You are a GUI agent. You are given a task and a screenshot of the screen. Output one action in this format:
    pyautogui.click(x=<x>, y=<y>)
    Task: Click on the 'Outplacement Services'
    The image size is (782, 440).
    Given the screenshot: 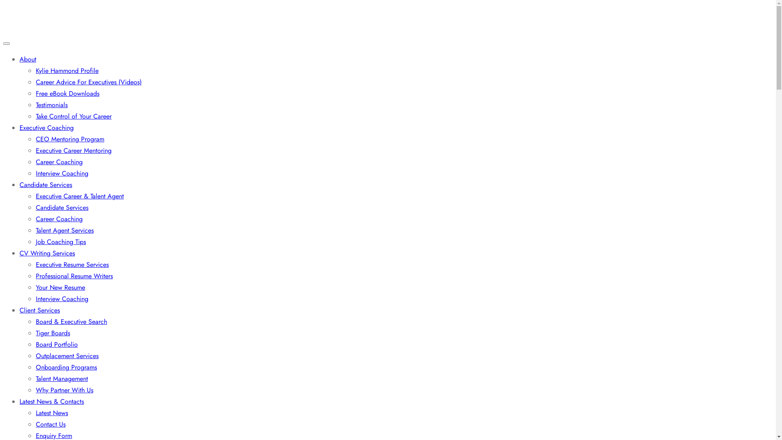 What is the action you would take?
    pyautogui.click(x=35, y=355)
    